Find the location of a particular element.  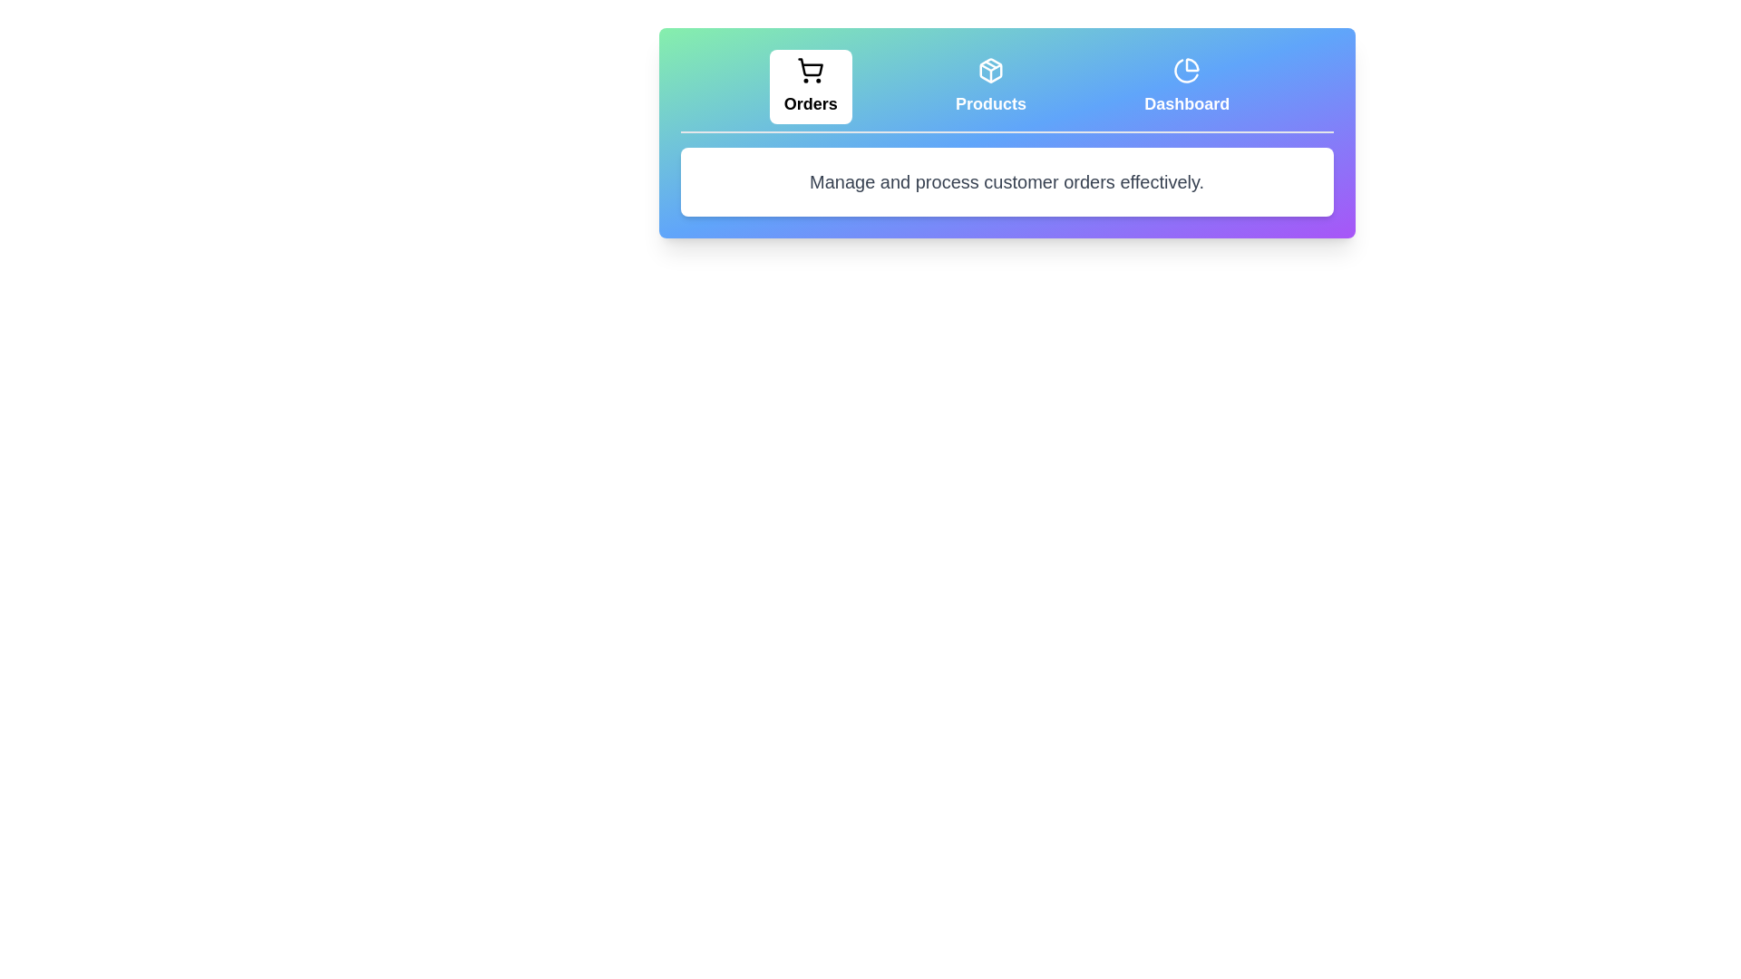

the tab labeled Products to observe its hover effect is located at coordinates (990, 87).